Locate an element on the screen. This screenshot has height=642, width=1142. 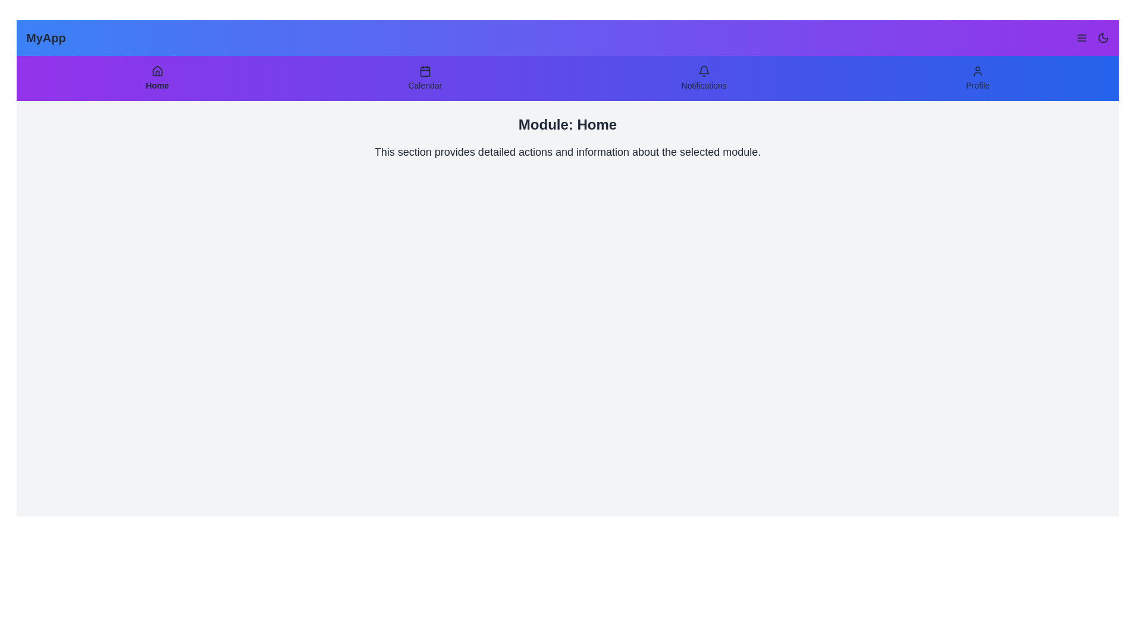
the Home tab in the navigation bar is located at coordinates (156, 78).